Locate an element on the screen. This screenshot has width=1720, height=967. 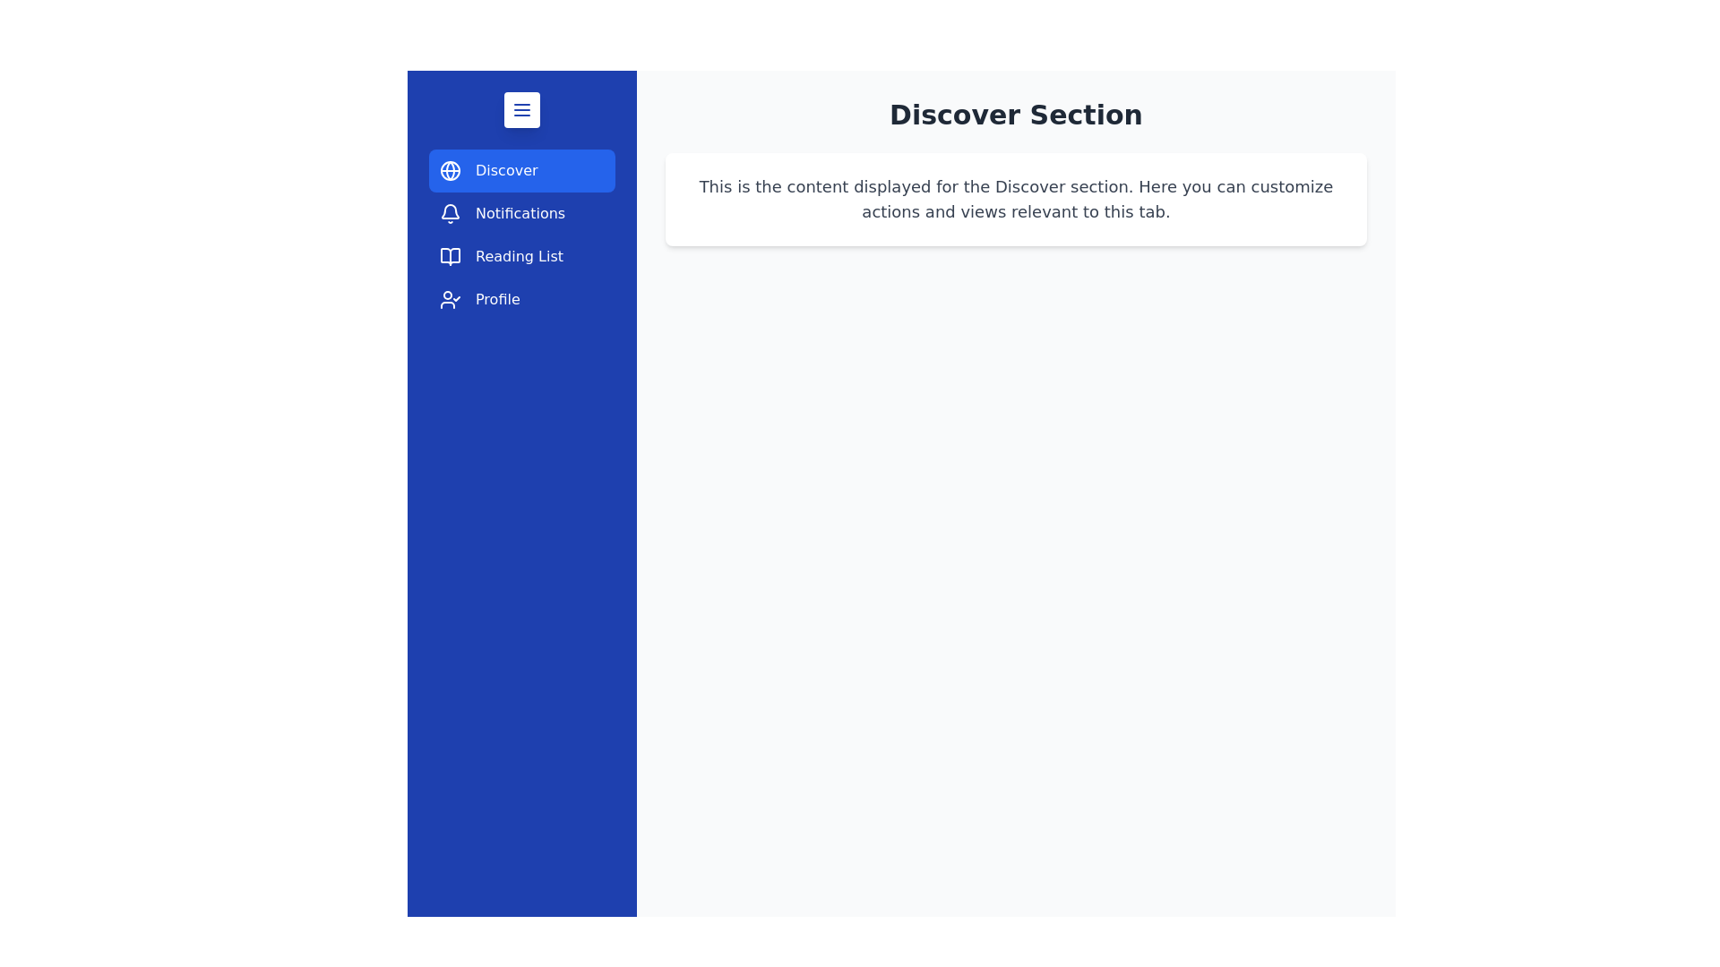
the tab labeled Discover to navigate to its section is located at coordinates (520, 171).